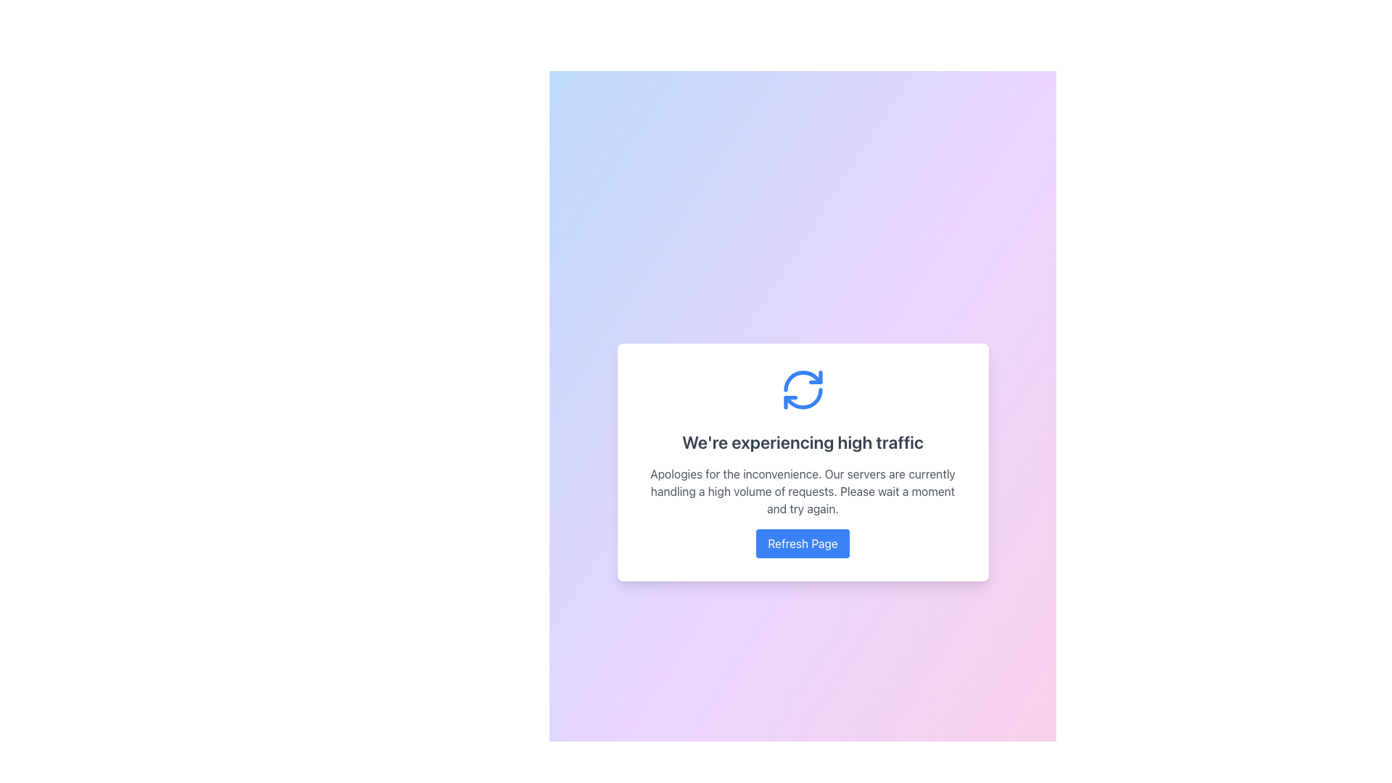 The width and height of the screenshot is (1392, 783). Describe the element at coordinates (802, 543) in the screenshot. I see `the 'Refresh Page' button, which is a medium-sized rectangular button with rounded corners, featuring white text on a blue background located at the center-bottom of a white rectangular card` at that location.